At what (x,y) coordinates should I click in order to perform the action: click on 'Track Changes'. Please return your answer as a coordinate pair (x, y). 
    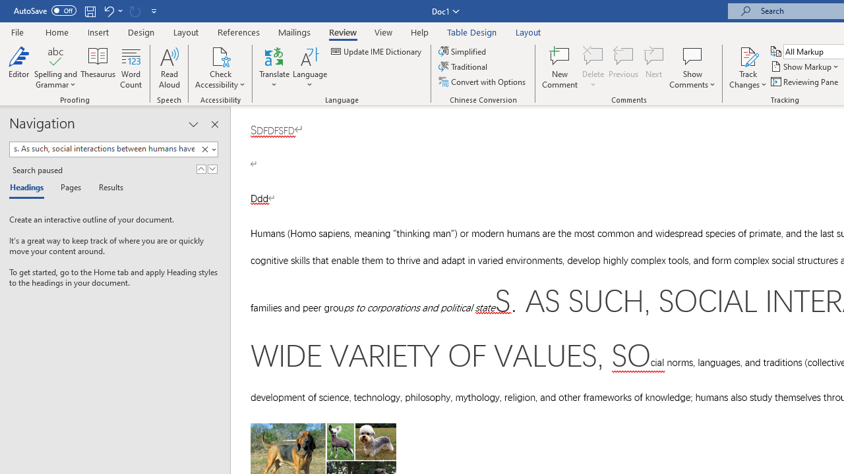
    Looking at the image, I should click on (748, 55).